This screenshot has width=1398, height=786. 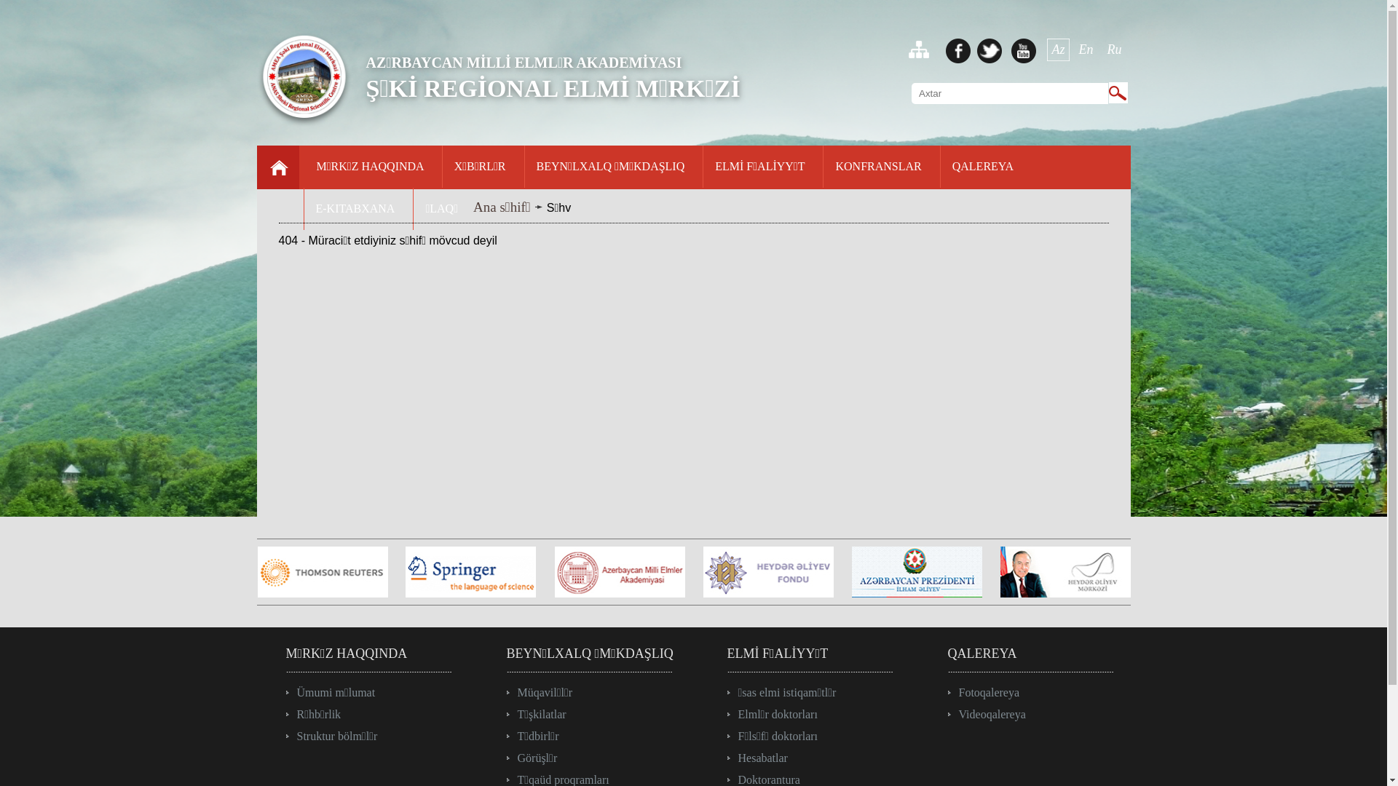 I want to click on 'Videoqalereya', so click(x=987, y=713).